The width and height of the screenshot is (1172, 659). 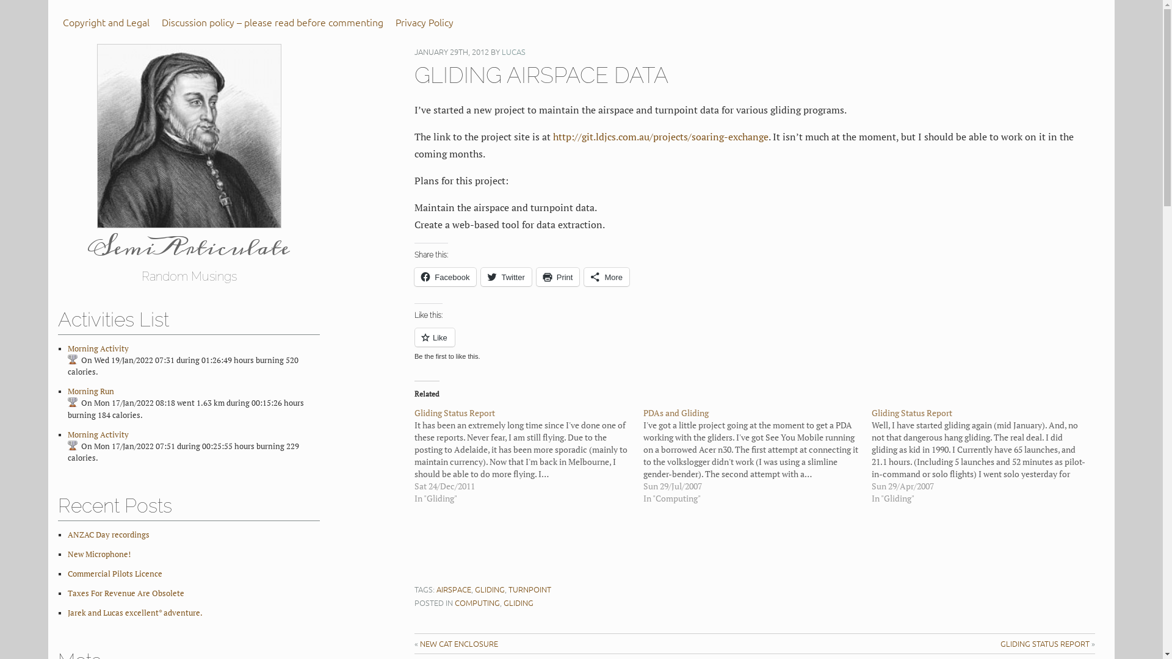 What do you see at coordinates (436, 588) in the screenshot?
I see `'AIRSPACE'` at bounding box center [436, 588].